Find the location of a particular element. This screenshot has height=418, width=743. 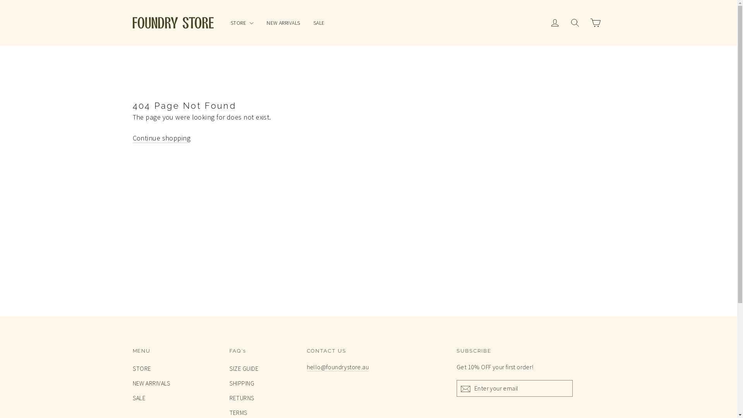

'SALE' is located at coordinates (319, 22).